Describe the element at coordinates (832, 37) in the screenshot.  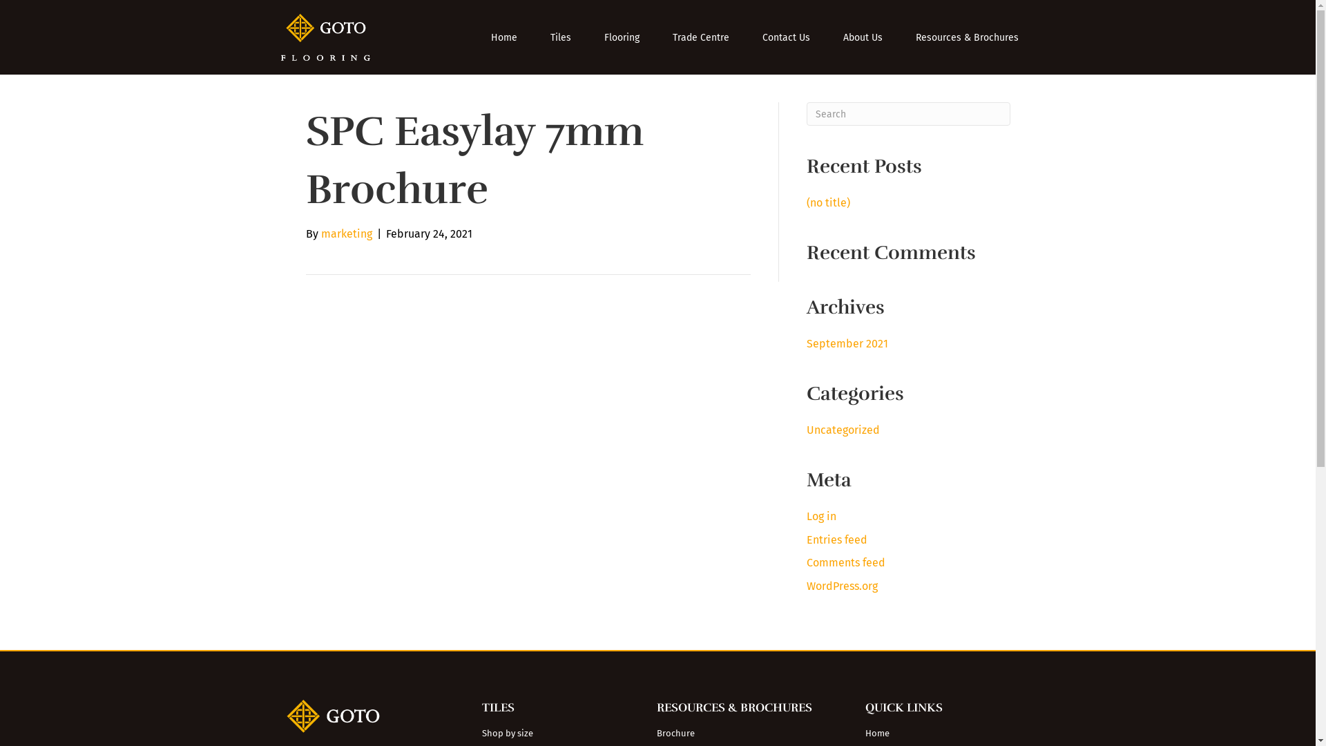
I see `'About Us'` at that location.